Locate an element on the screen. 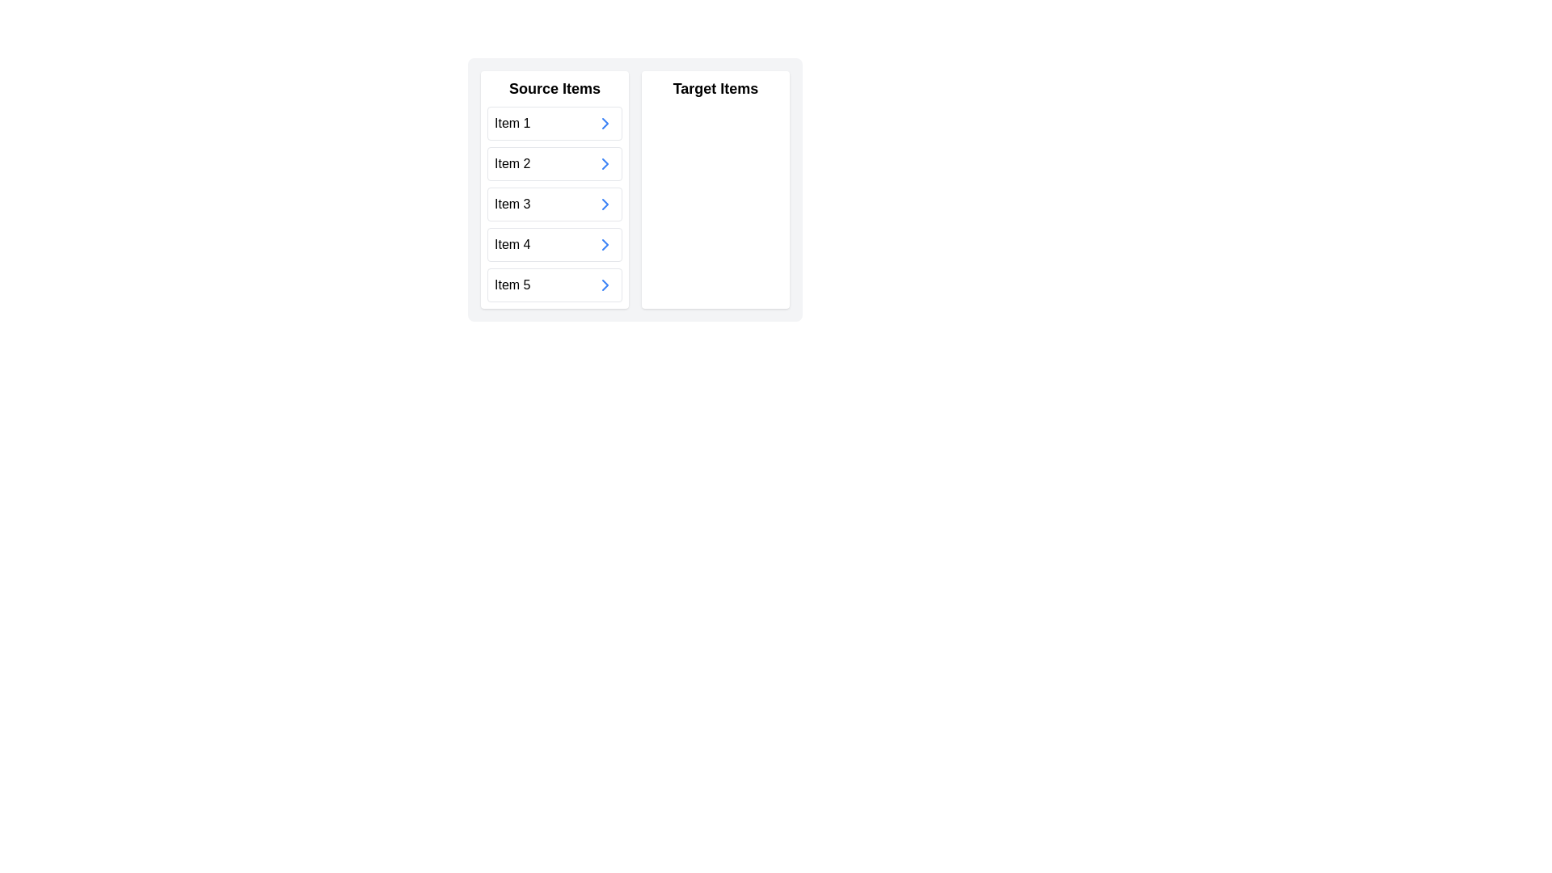 The width and height of the screenshot is (1552, 873). the icon button associated with 'Item 4' to observe a color change to darker blue is located at coordinates (604, 245).